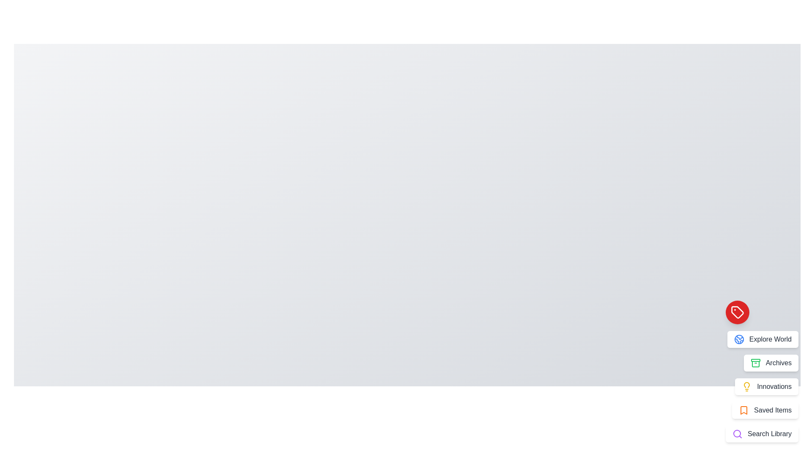  Describe the element at coordinates (767, 386) in the screenshot. I see `the menu item labeled 'Innovations' to observe its hover effect` at that location.